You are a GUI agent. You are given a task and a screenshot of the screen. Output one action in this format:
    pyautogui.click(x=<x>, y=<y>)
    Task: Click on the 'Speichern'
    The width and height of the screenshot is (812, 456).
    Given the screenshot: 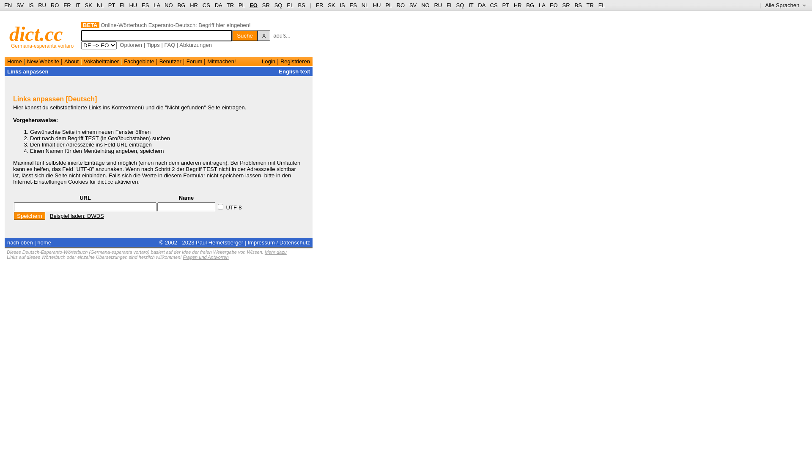 What is the action you would take?
    pyautogui.click(x=30, y=215)
    